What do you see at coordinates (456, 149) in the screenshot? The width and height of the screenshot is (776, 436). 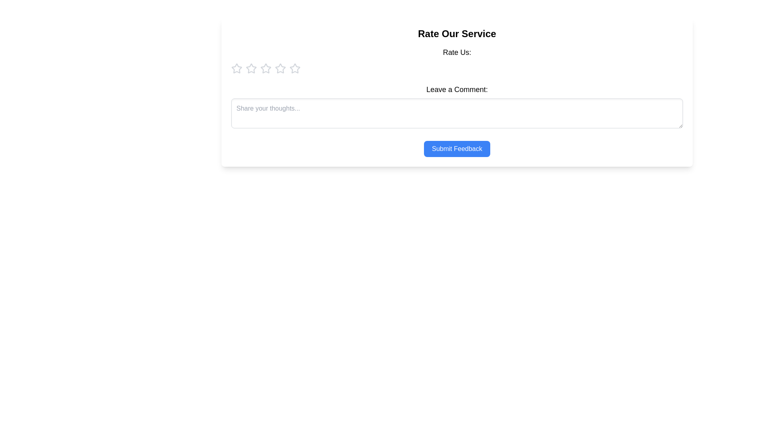 I see `the 'Submit Feedback' button` at bounding box center [456, 149].